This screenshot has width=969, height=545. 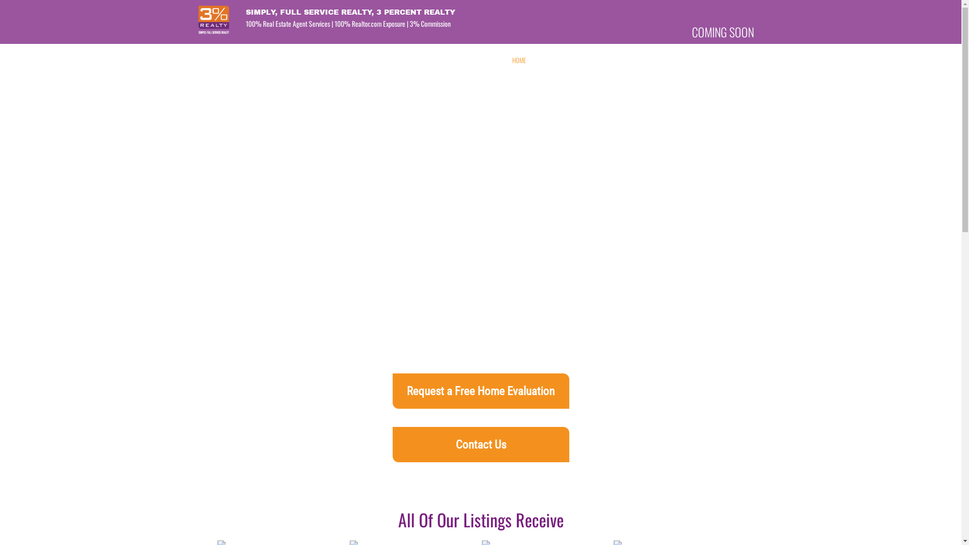 I want to click on 'HOME', so click(x=518, y=60).